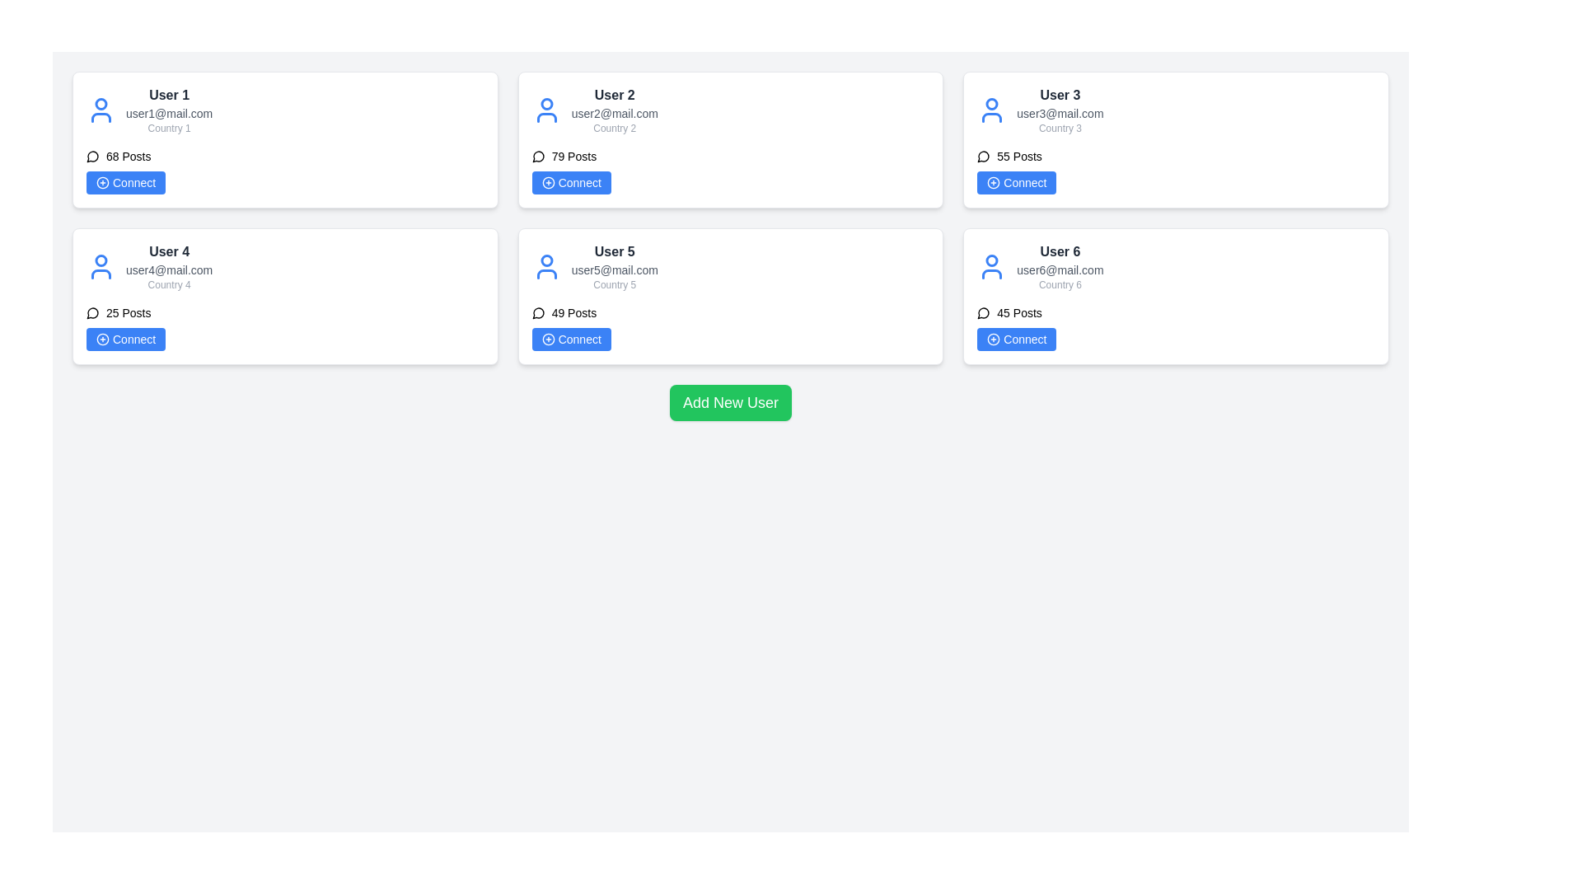 The image size is (1582, 890). What do you see at coordinates (91, 313) in the screenshot?
I see `the icon representing '25 Posts' located within the card for 'User 4'` at bounding box center [91, 313].